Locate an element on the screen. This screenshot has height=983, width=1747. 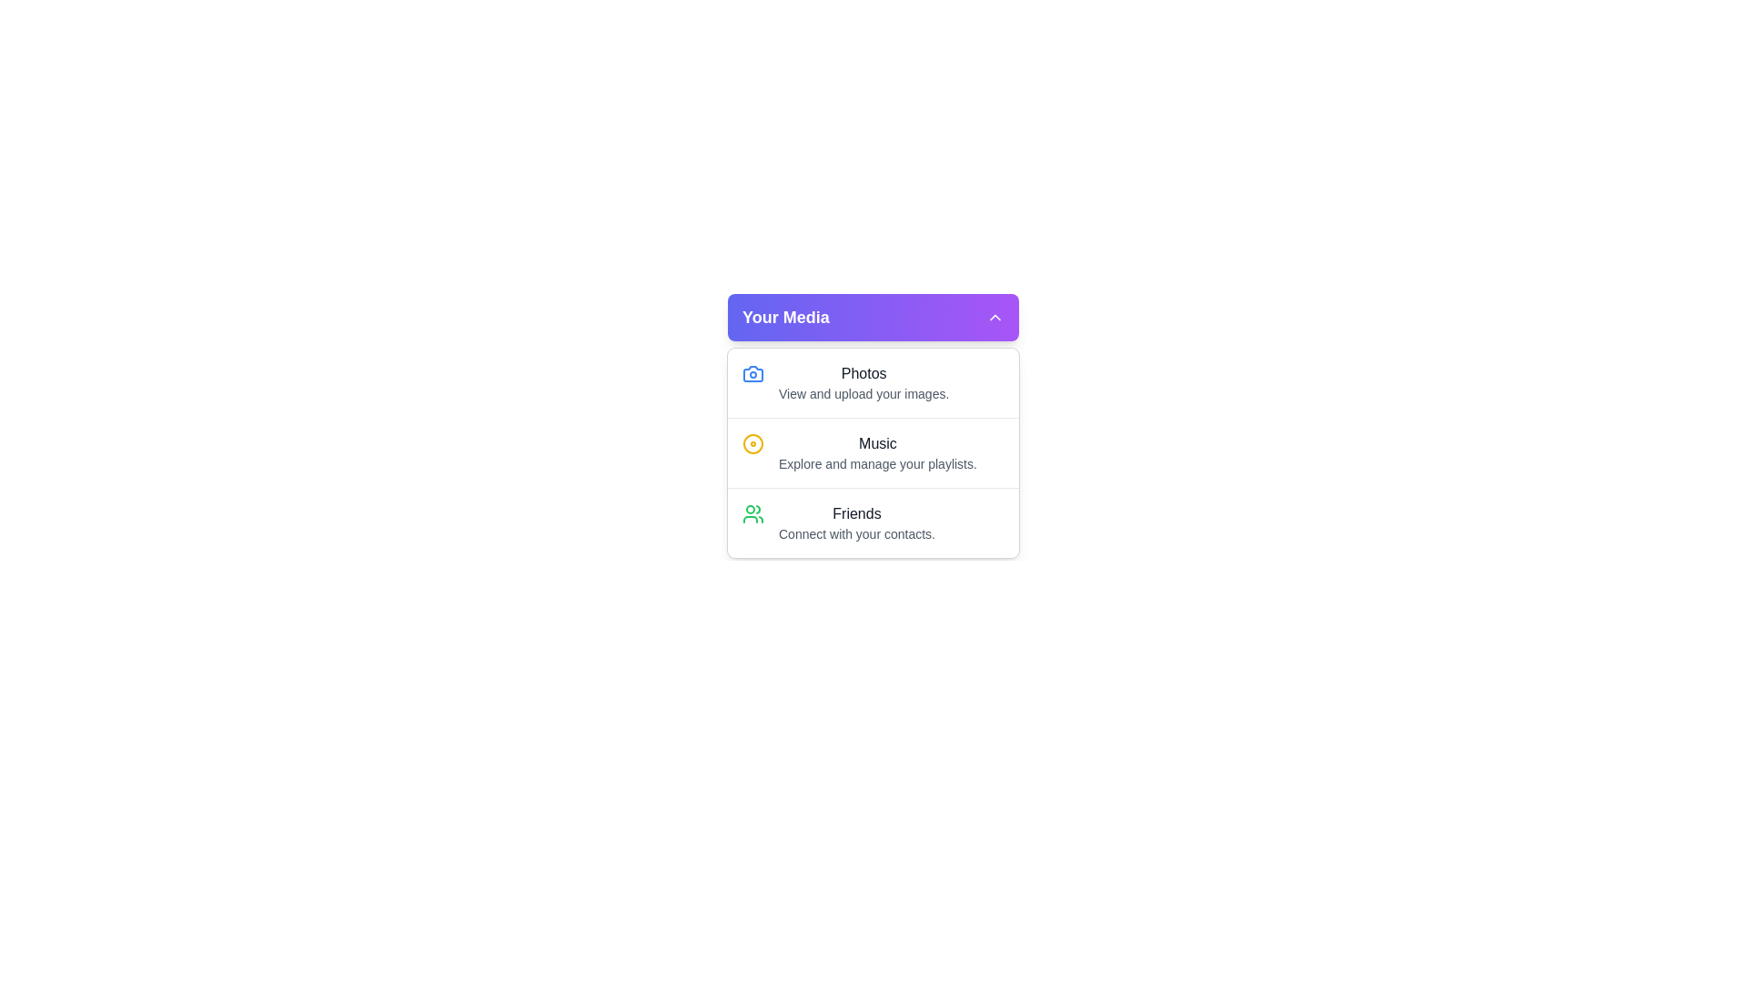
the text label located in the header bar of the dropdown panel, which is part of a purple gradient background area is located at coordinates (785, 316).